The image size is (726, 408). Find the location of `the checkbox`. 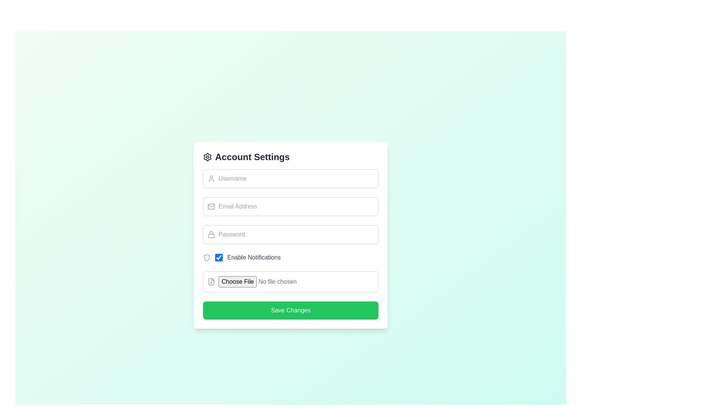

the checkbox is located at coordinates (219, 257).